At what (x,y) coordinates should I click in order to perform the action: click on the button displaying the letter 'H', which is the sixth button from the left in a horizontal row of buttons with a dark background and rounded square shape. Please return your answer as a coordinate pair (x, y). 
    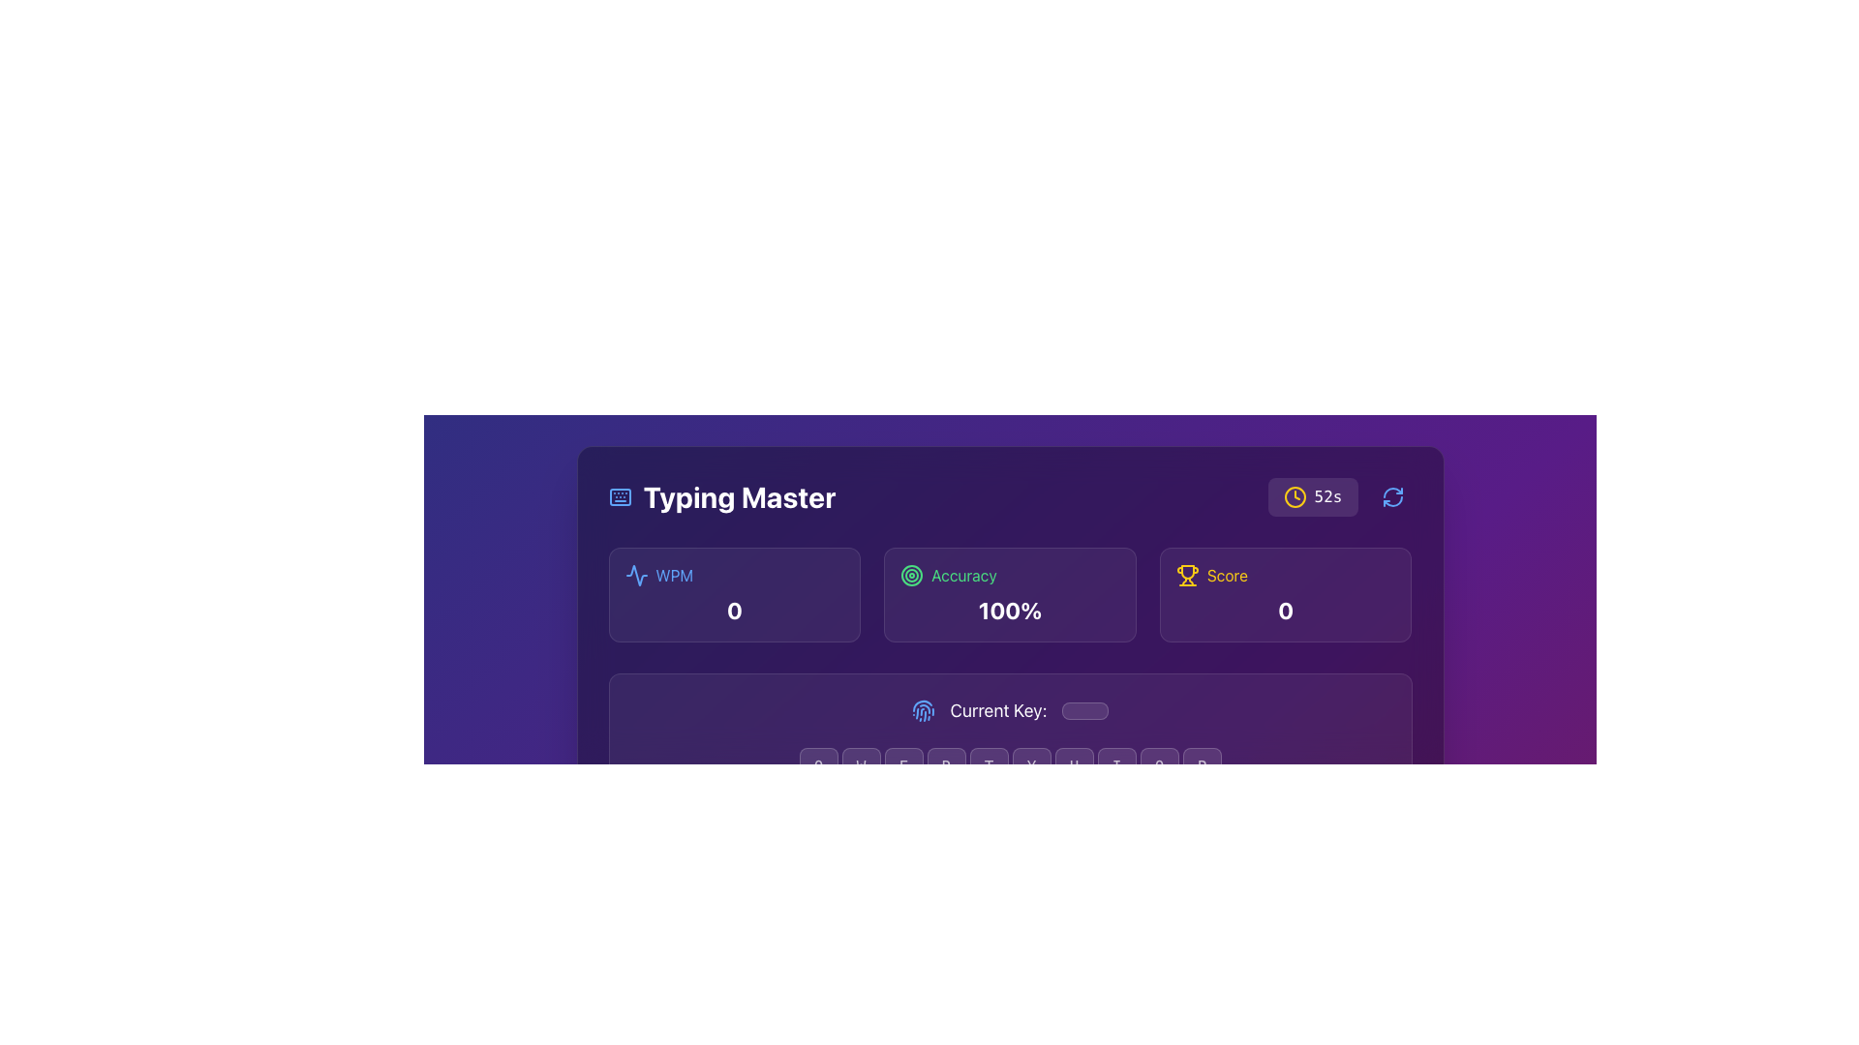
    Looking at the image, I should click on (1051, 813).